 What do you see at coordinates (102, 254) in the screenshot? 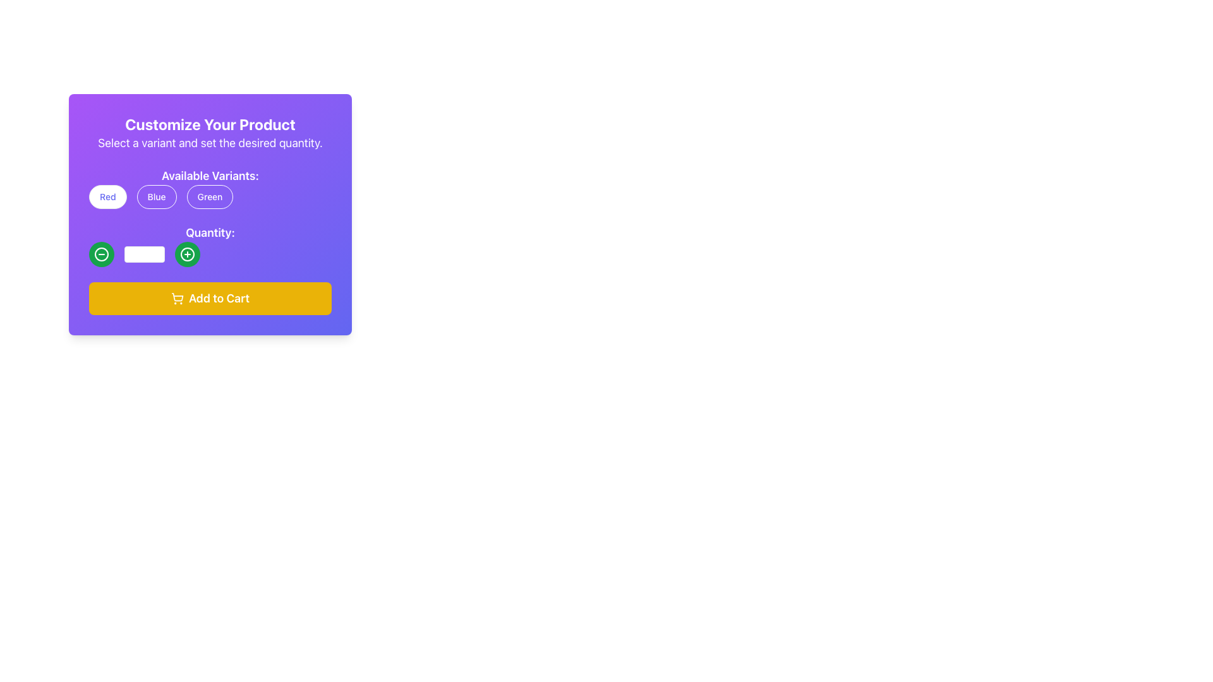
I see `the first circular green button with a minus sign icon, located to the left of the numeric input field` at bounding box center [102, 254].